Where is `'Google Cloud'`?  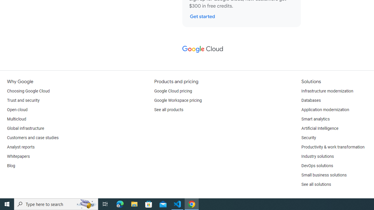
'Google Cloud' is located at coordinates (202, 49).